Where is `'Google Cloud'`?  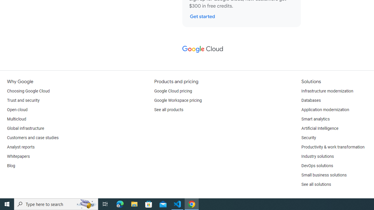
'Google Cloud' is located at coordinates (202, 49).